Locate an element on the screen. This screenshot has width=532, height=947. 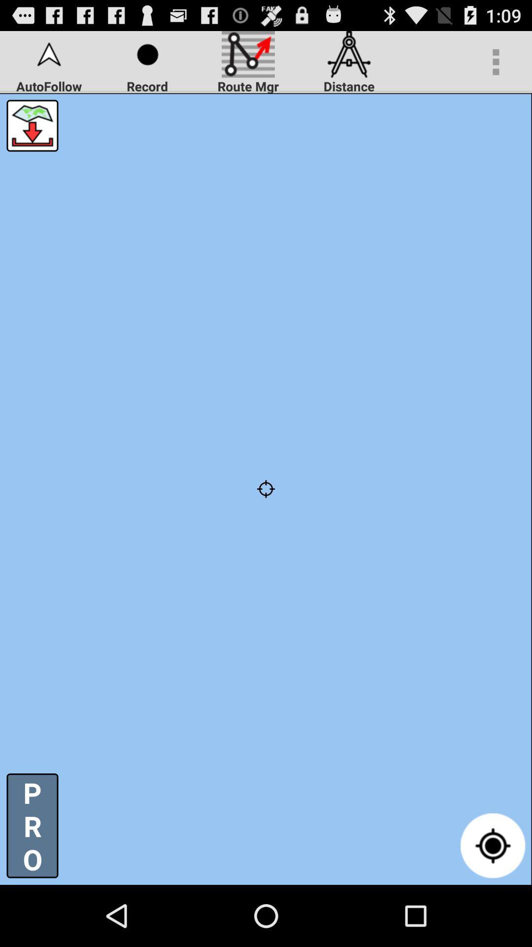
the icon to the right of p is located at coordinates (493, 845).